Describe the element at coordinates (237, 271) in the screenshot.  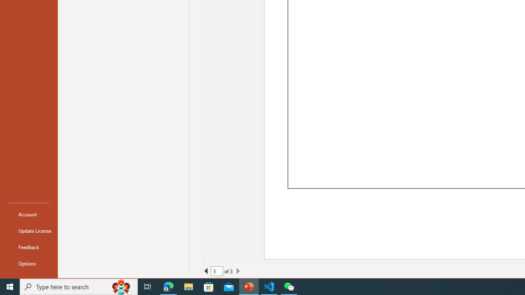
I see `'Next Page'` at that location.